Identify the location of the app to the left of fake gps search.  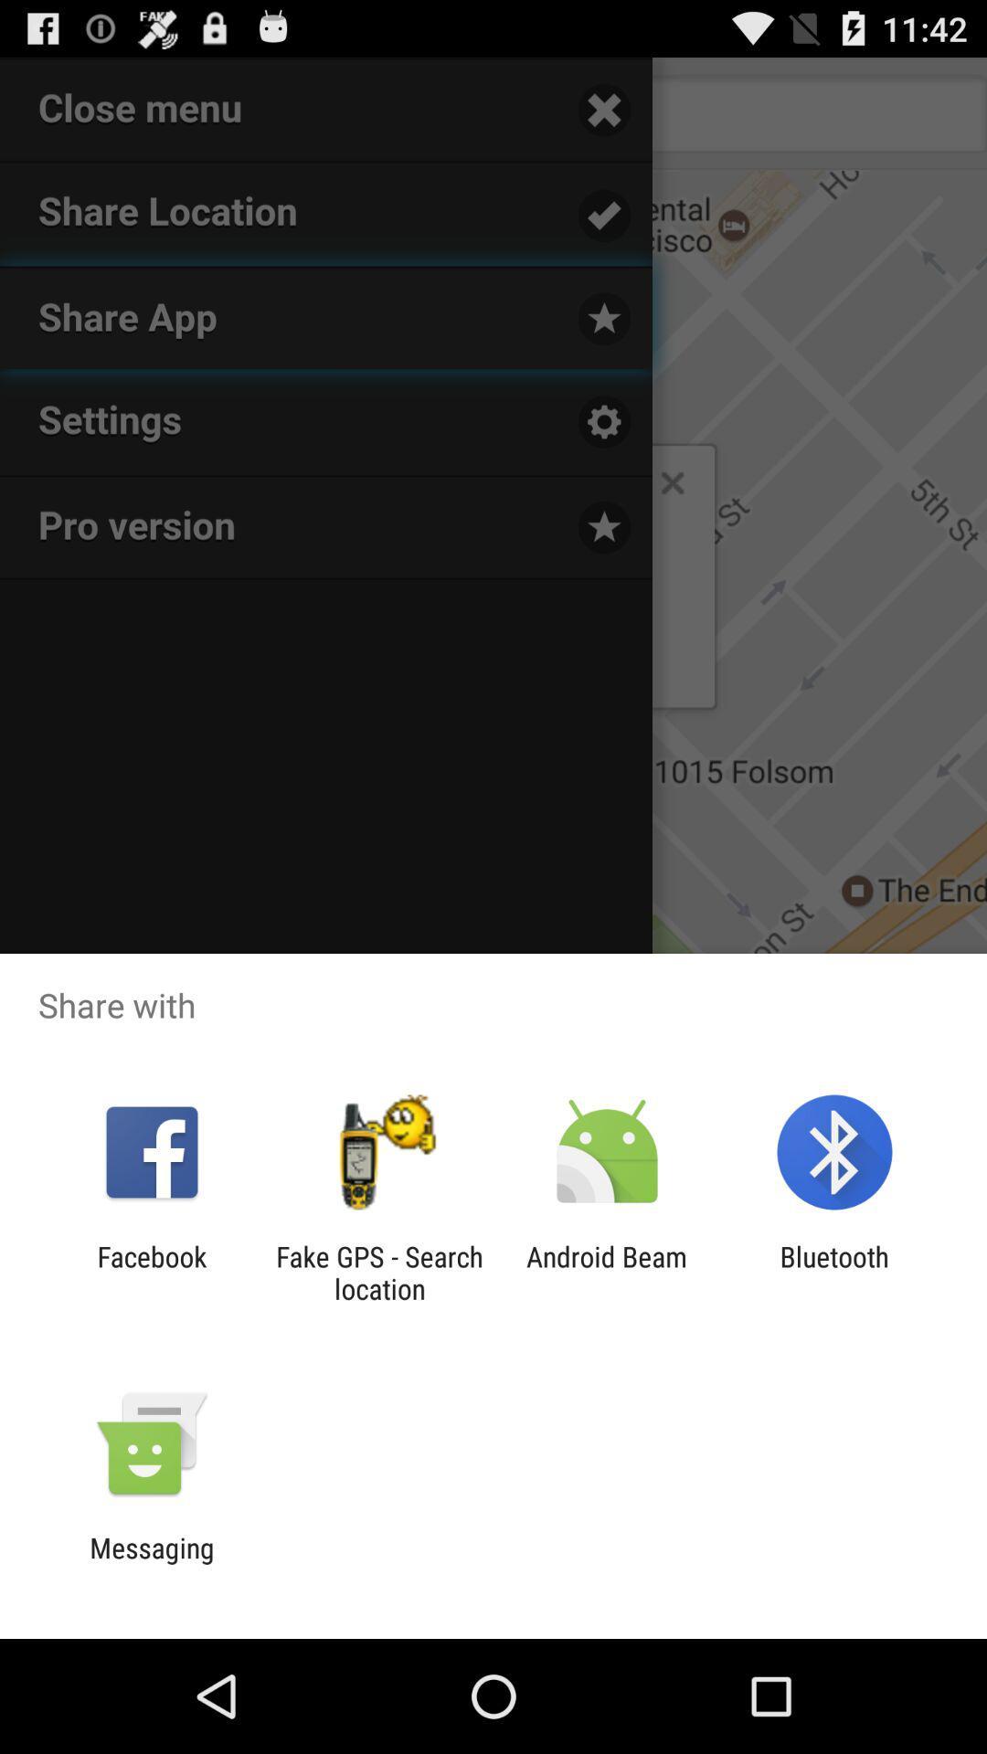
(151, 1272).